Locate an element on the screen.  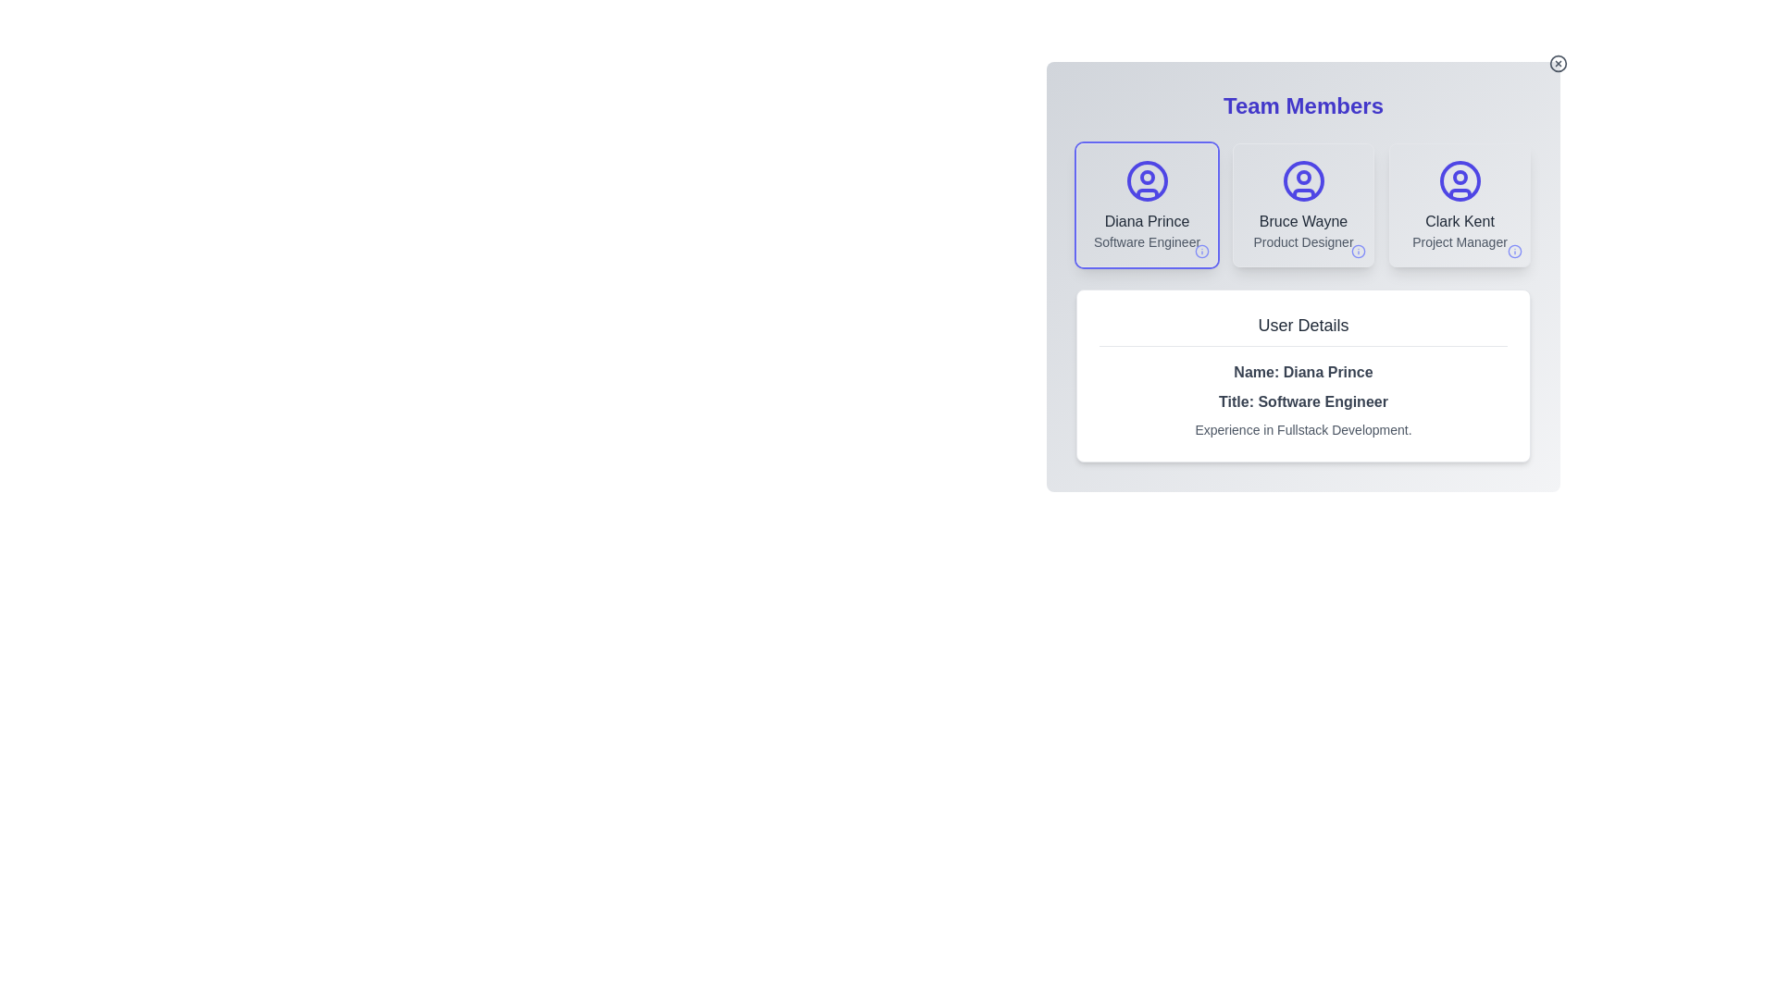
the profile card representing the team member in the first column of the 'Team Members' section at the upper center of the modal is located at coordinates (1146, 205).